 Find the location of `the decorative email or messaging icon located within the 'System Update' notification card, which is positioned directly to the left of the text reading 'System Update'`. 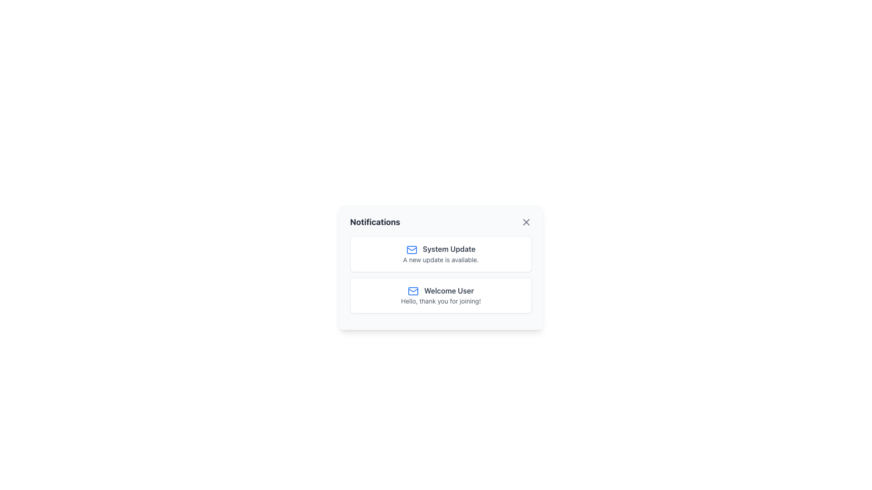

the decorative email or messaging icon located within the 'System Update' notification card, which is positioned directly to the left of the text reading 'System Update' is located at coordinates (411, 250).